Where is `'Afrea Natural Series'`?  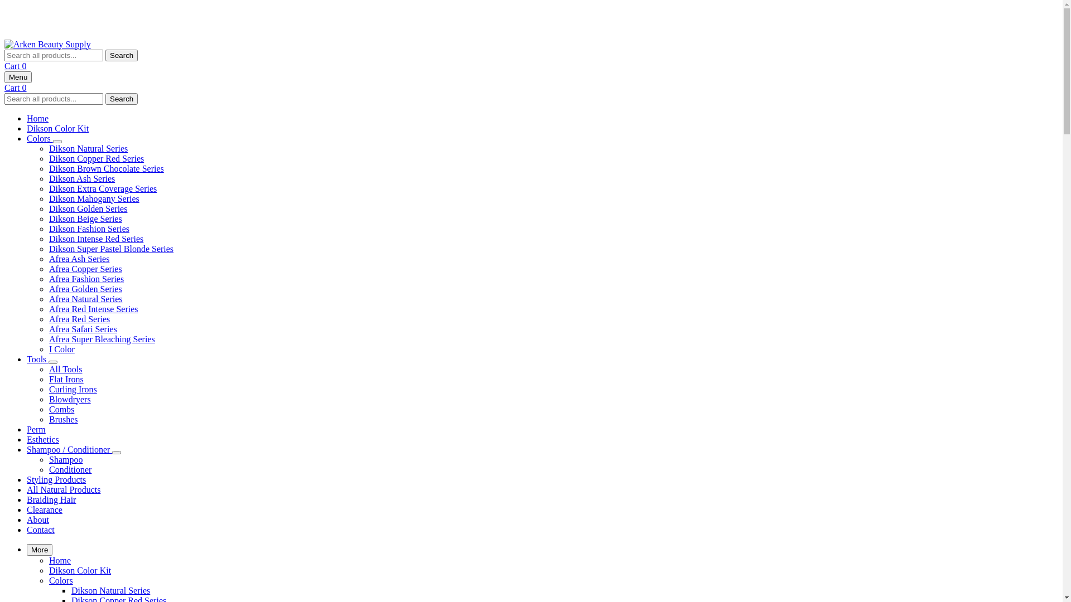
'Afrea Natural Series' is located at coordinates (85, 298).